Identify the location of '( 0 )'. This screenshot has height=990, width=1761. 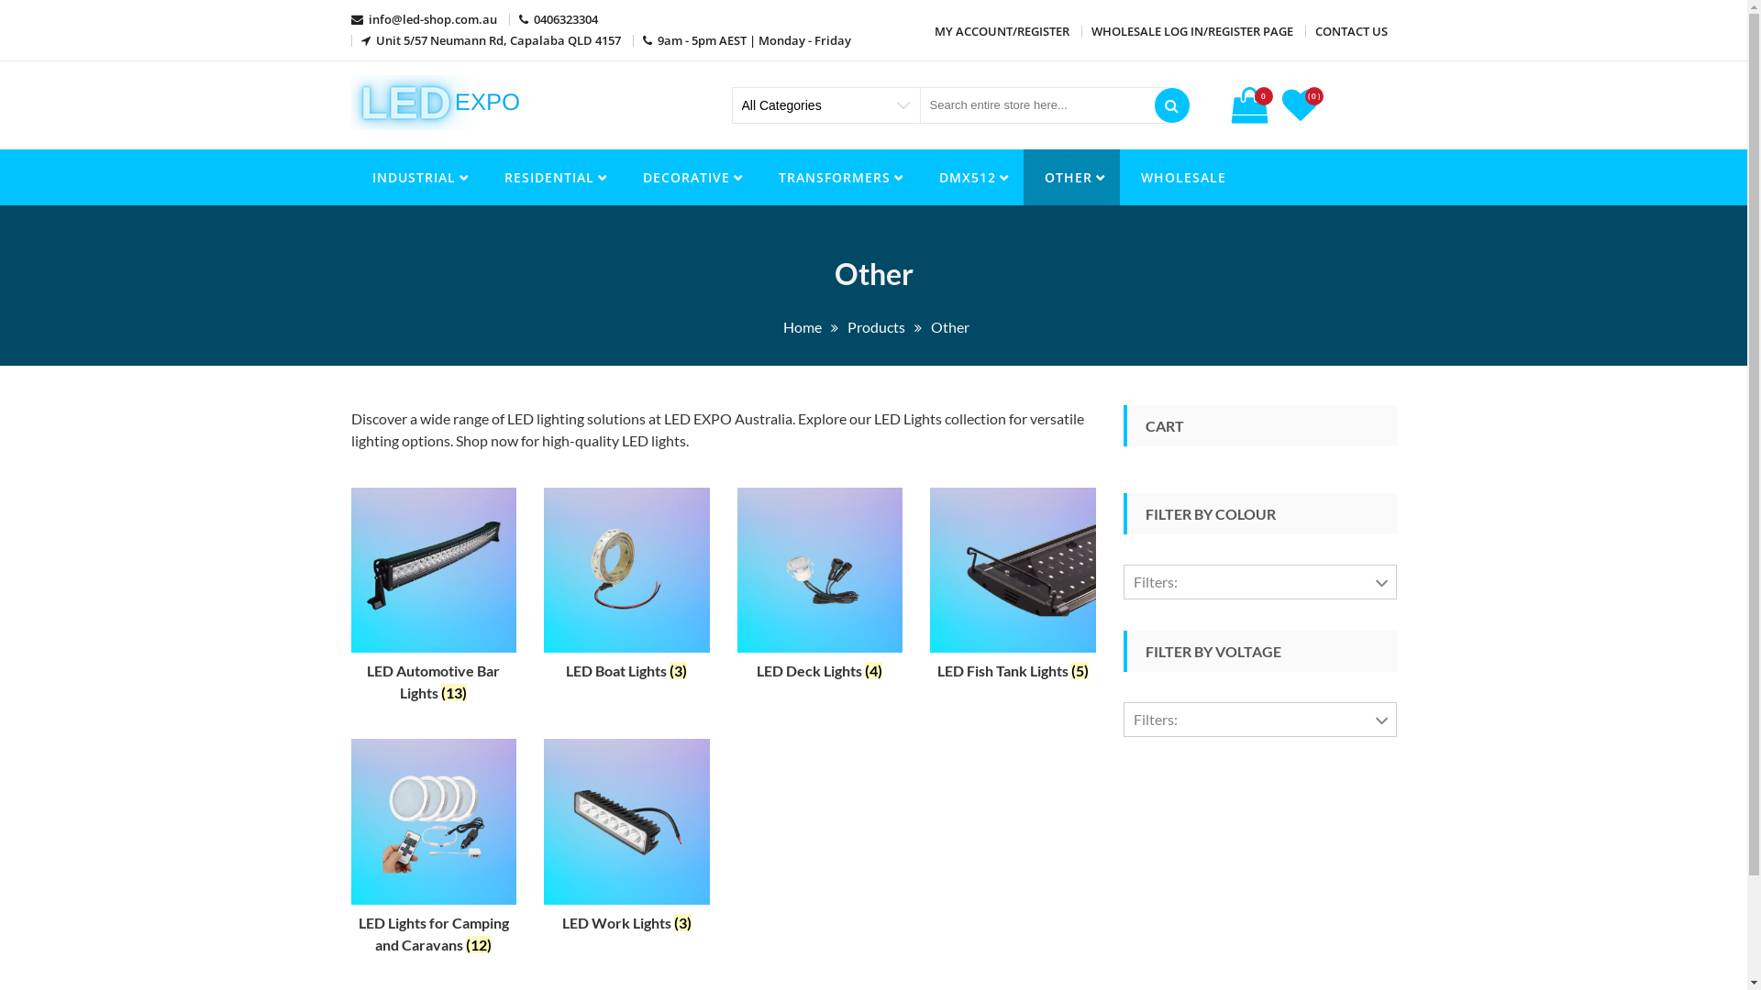
(1301, 112).